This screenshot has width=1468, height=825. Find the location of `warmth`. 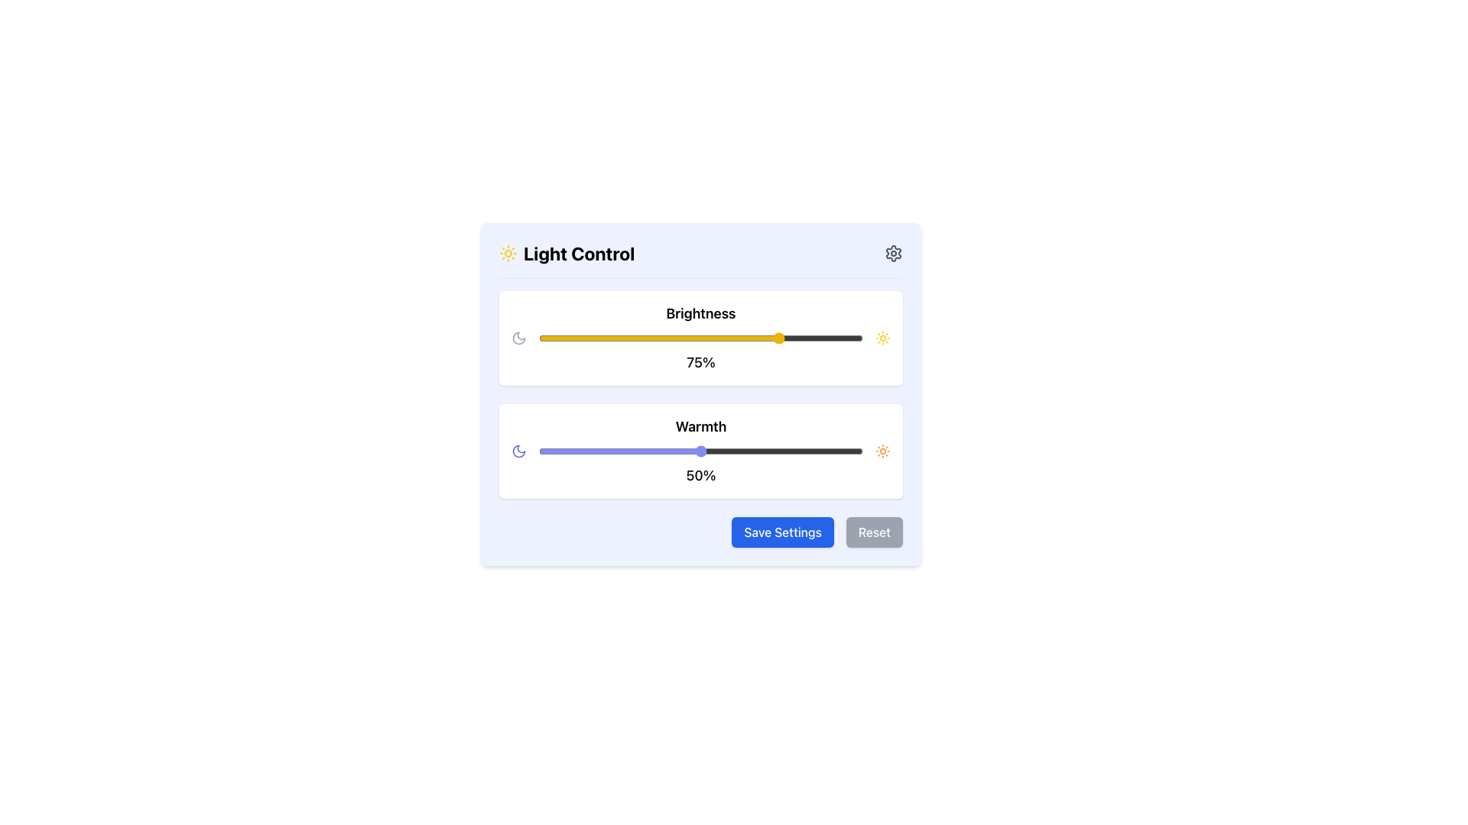

warmth is located at coordinates (804, 450).